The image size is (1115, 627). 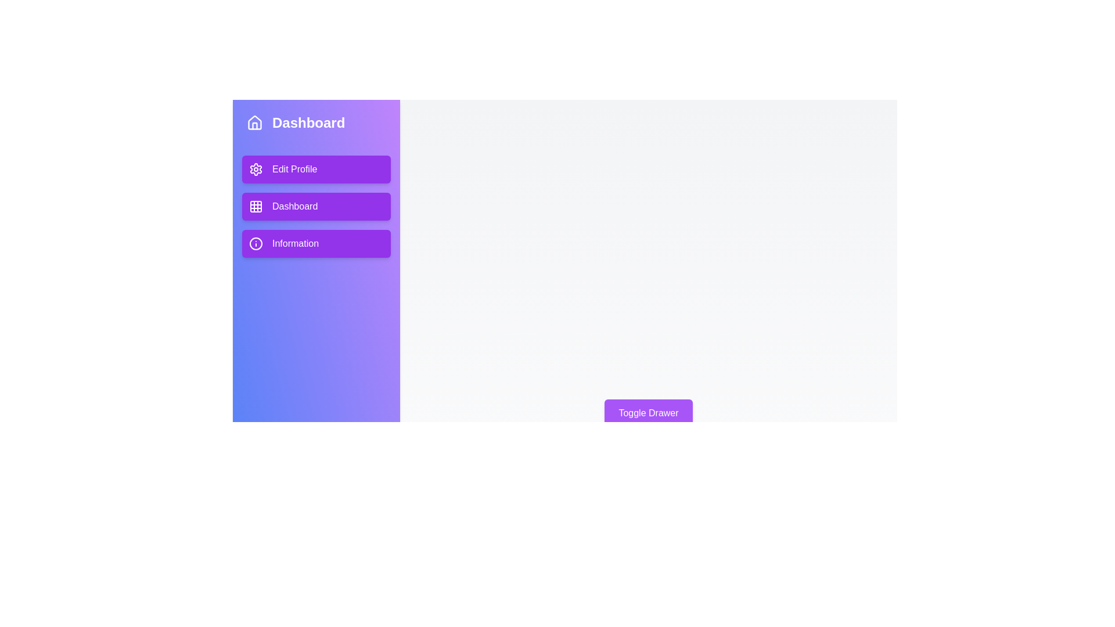 I want to click on the header labeled 'Dashboard' to ensure it is visible and static, so click(x=316, y=123).